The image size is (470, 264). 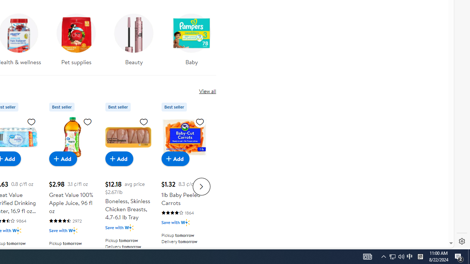 I want to click on 'Pet supplies', so click(x=76, y=37).